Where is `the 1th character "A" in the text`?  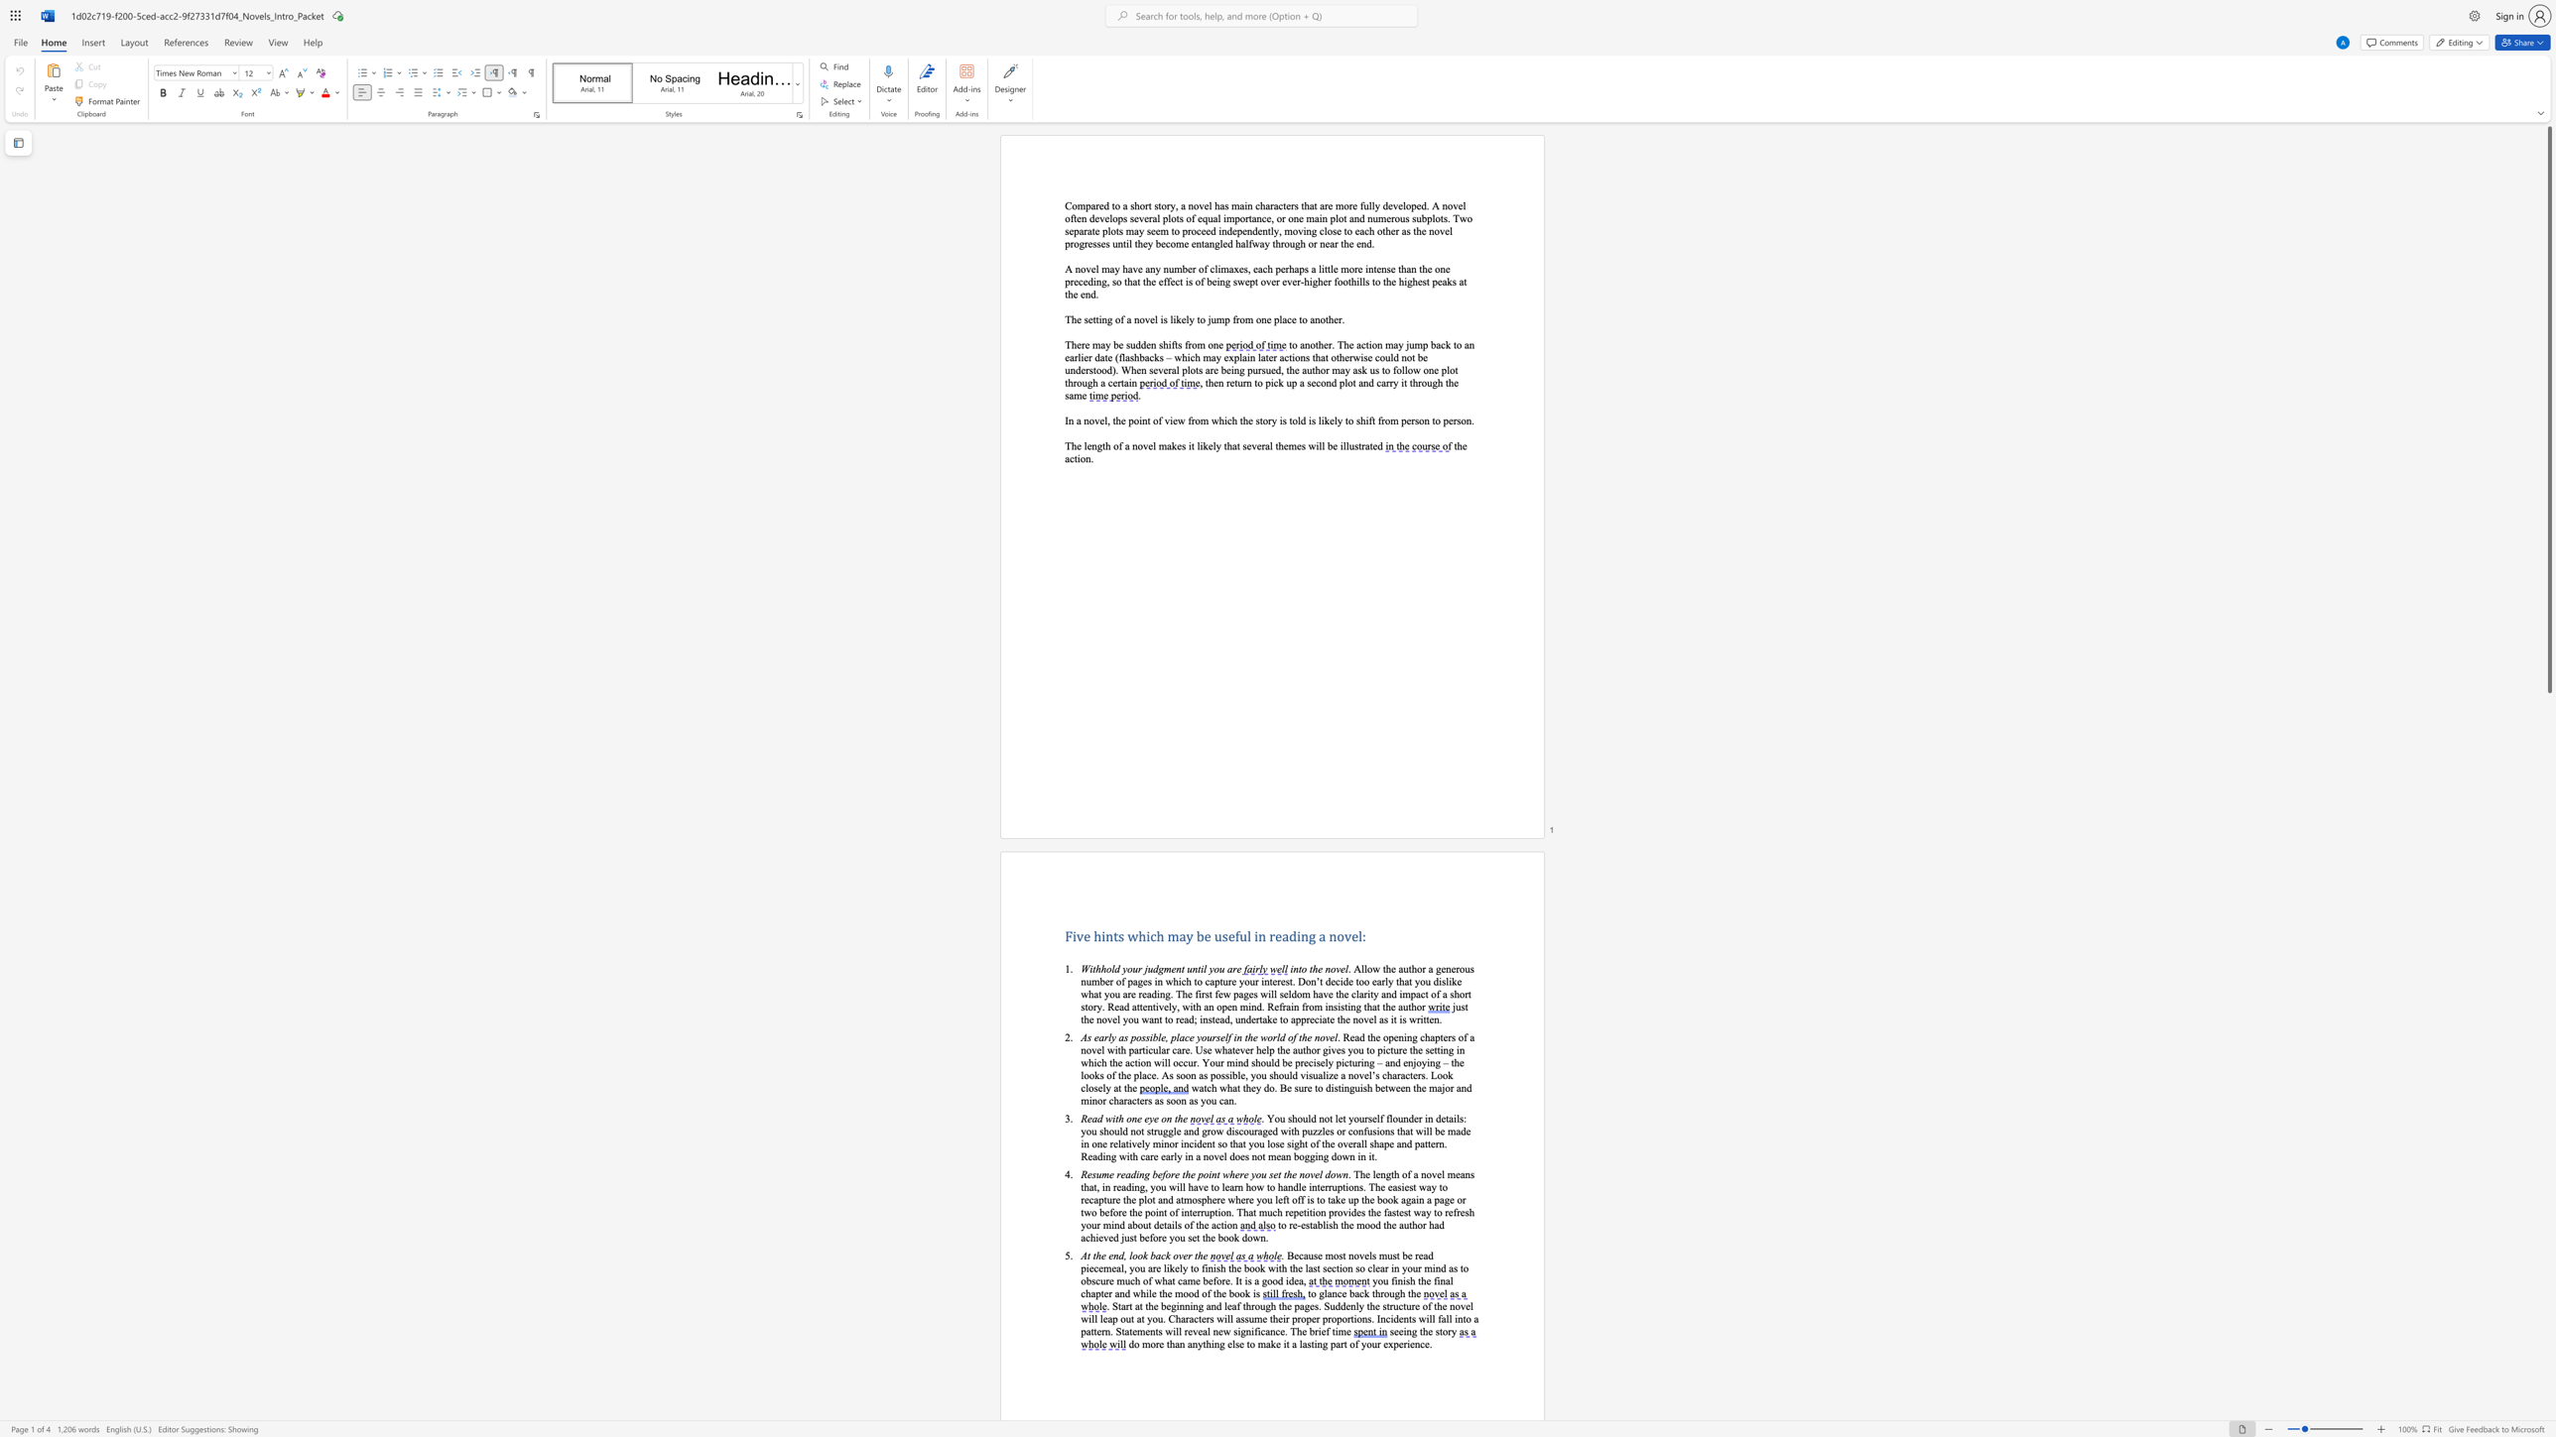
the 1th character "A" in the text is located at coordinates (1084, 1255).